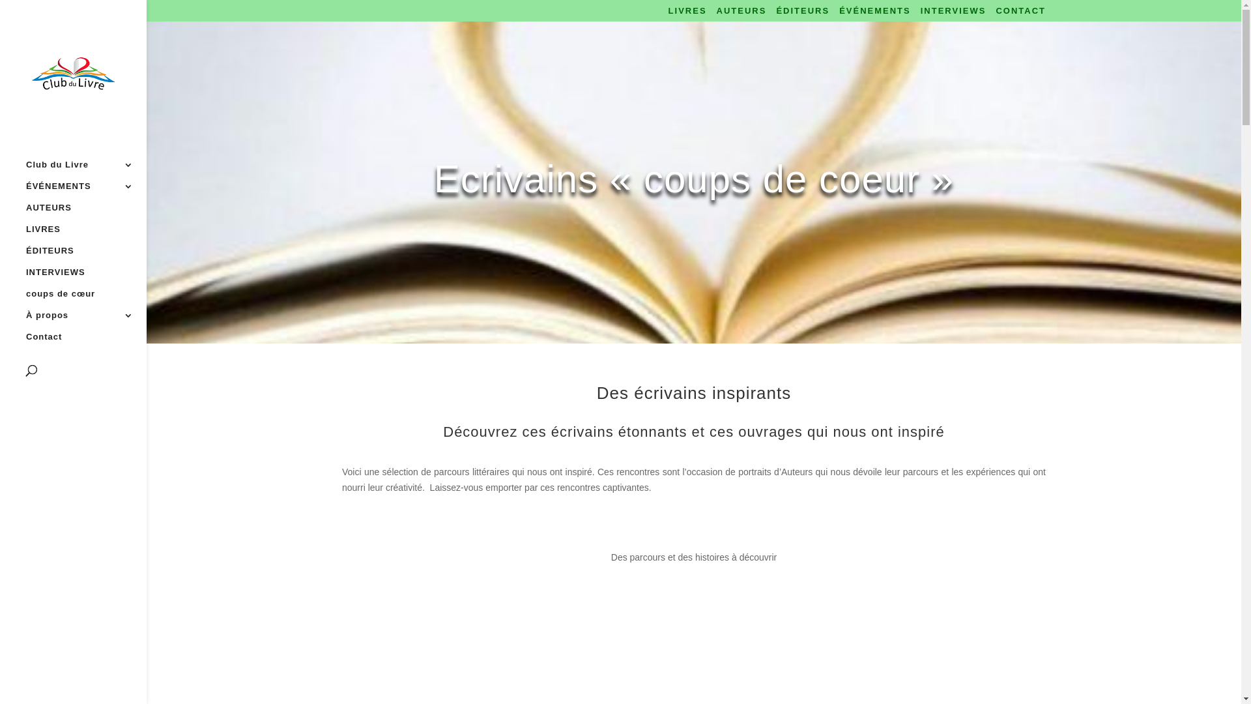  I want to click on 'AUTEURS', so click(741, 14).